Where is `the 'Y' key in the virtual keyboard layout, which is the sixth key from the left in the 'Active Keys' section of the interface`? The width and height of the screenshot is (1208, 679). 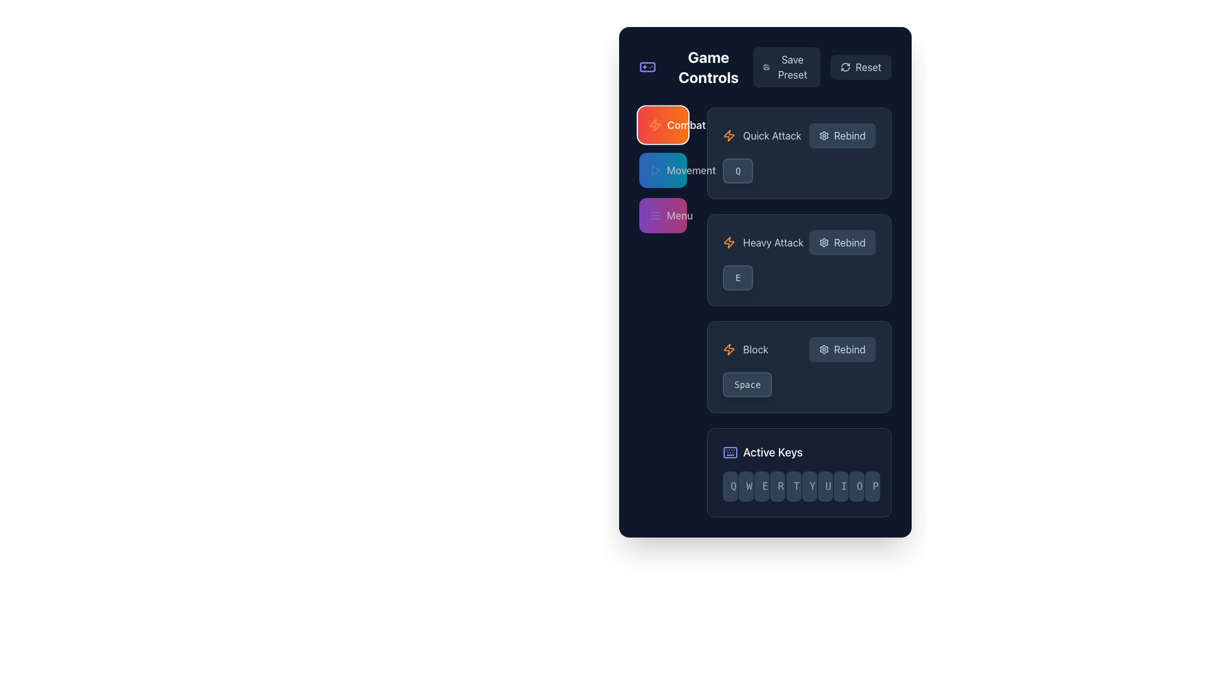
the 'Y' key in the virtual keyboard layout, which is the sixth key from the left in the 'Active Keys' section of the interface is located at coordinates (809, 486).